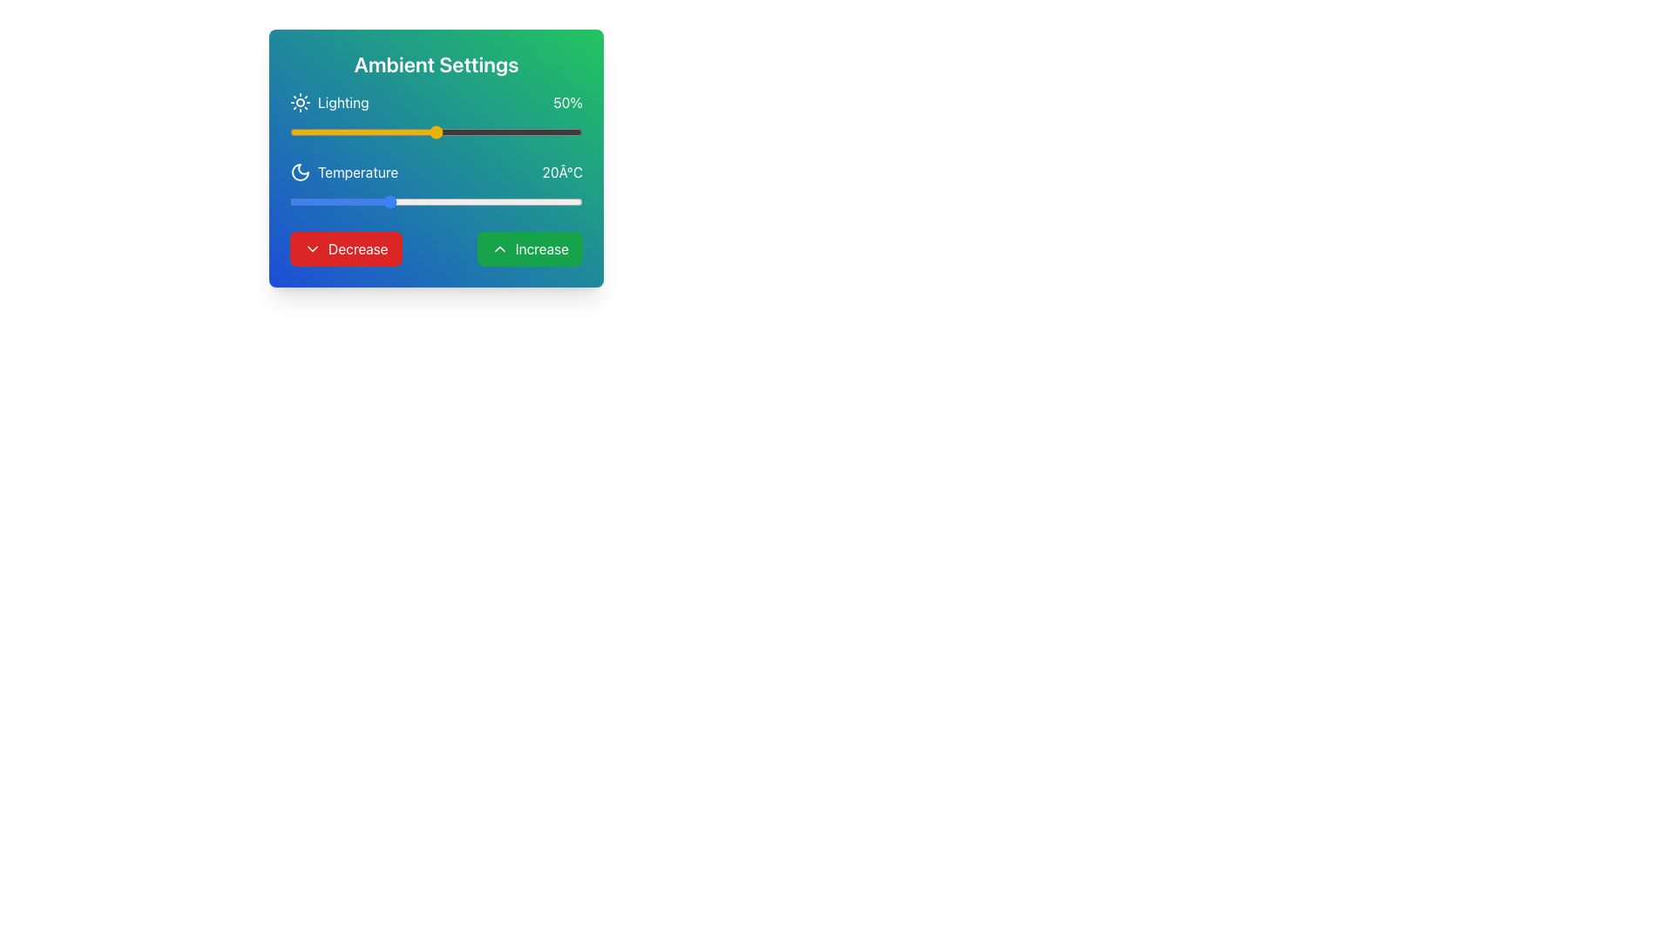  I want to click on the temperature, so click(563, 200).